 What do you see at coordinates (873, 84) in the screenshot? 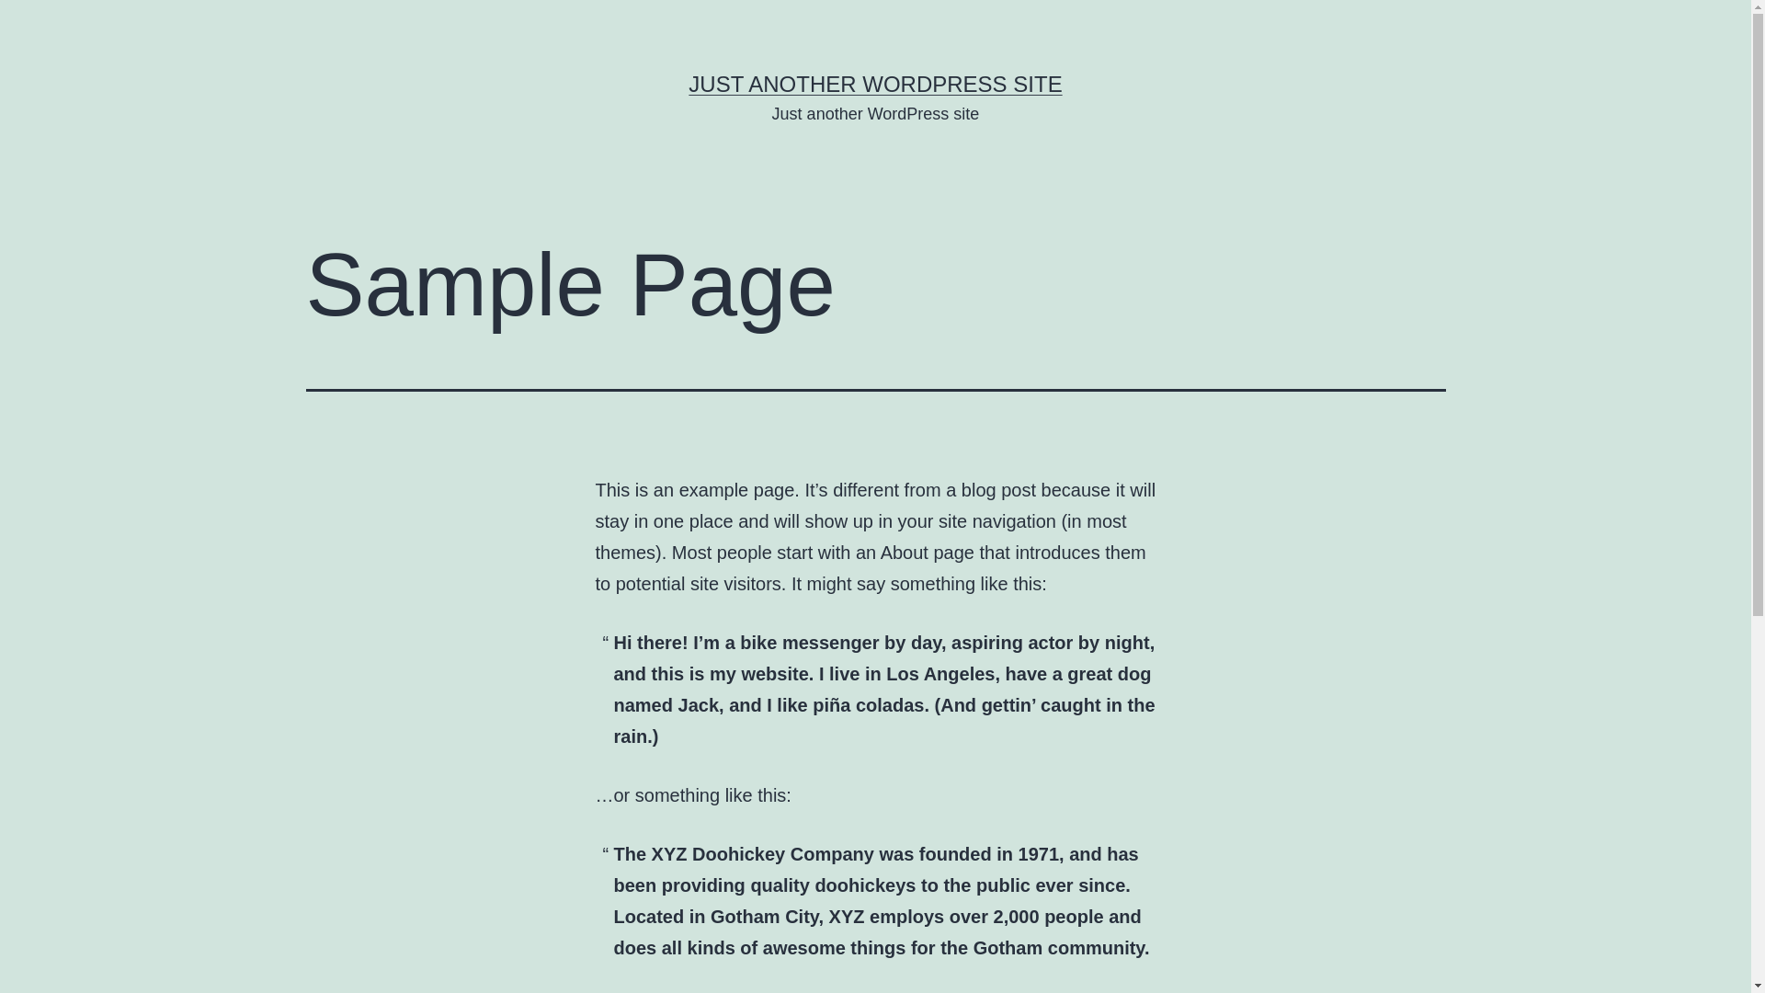
I see `'JUST ANOTHER WORDPRESS SITE'` at bounding box center [873, 84].